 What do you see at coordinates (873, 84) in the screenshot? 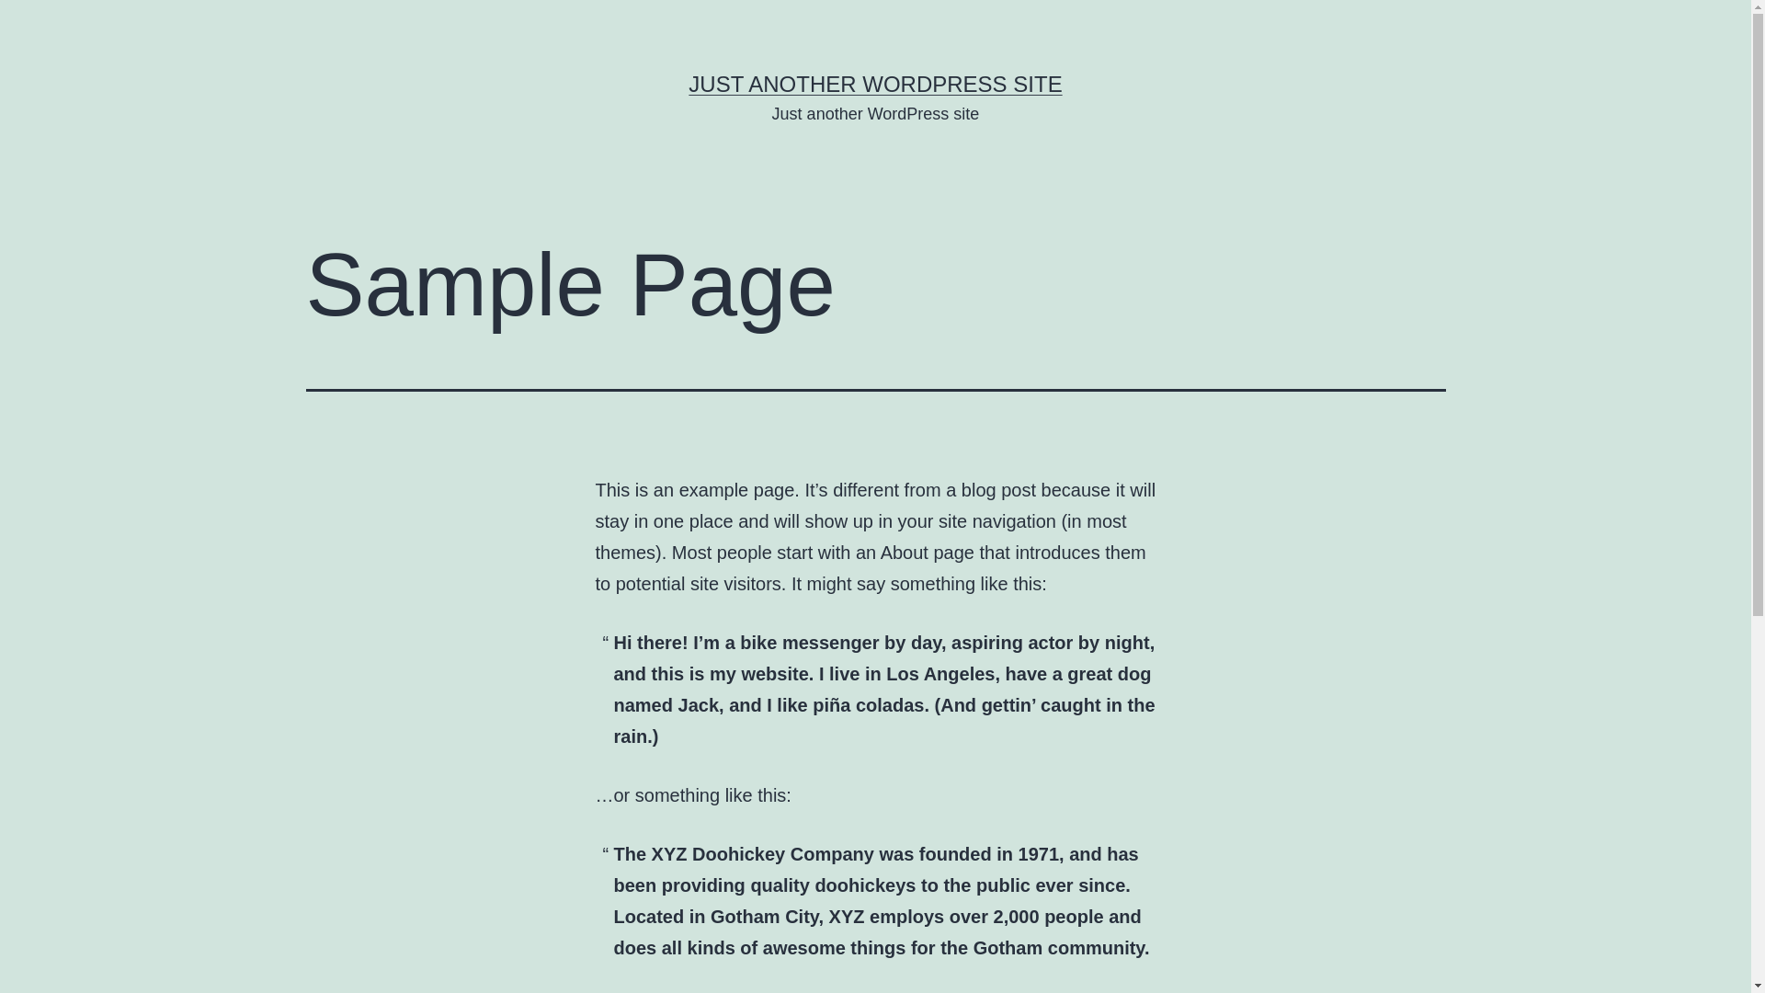
I see `'JUST ANOTHER WORDPRESS SITE'` at bounding box center [873, 84].